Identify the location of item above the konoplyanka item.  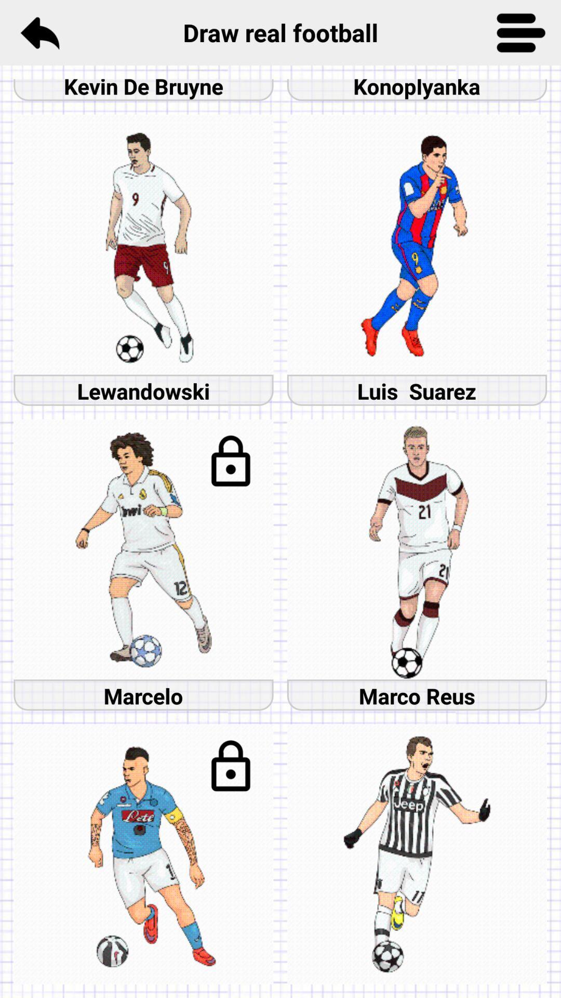
(521, 32).